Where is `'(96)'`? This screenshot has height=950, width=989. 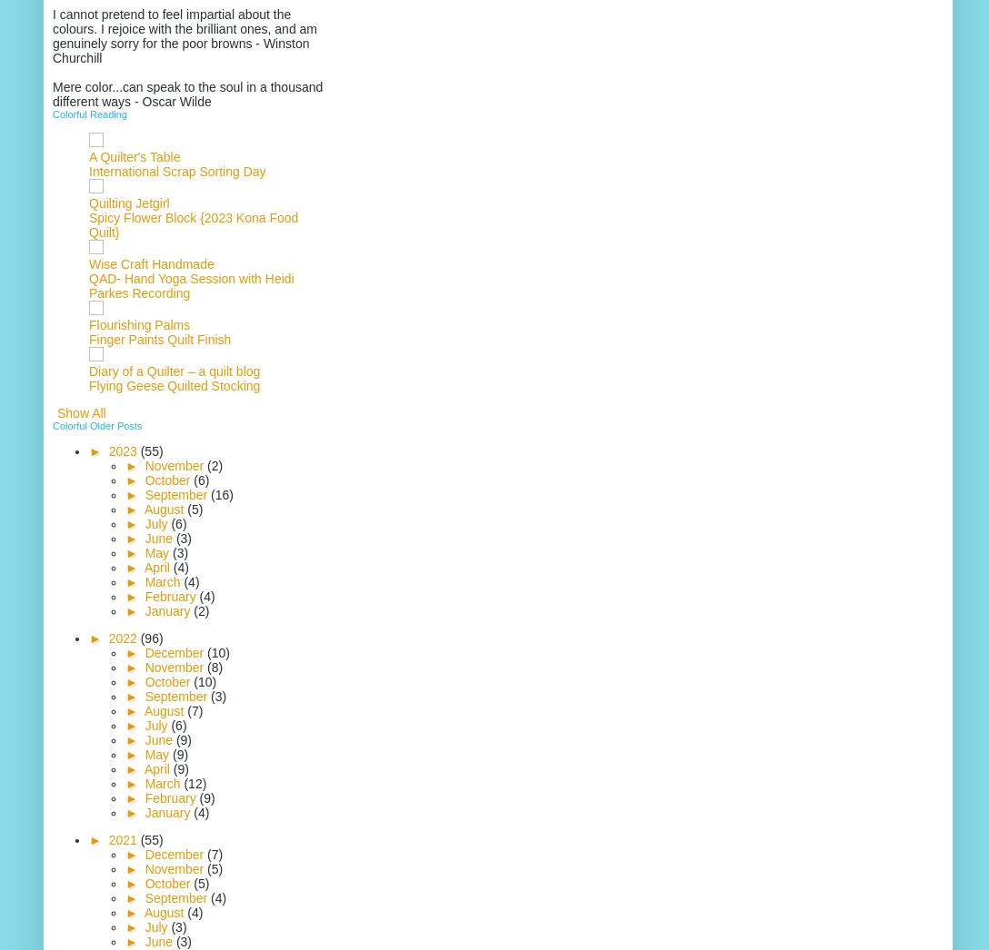
'(96)' is located at coordinates (150, 638).